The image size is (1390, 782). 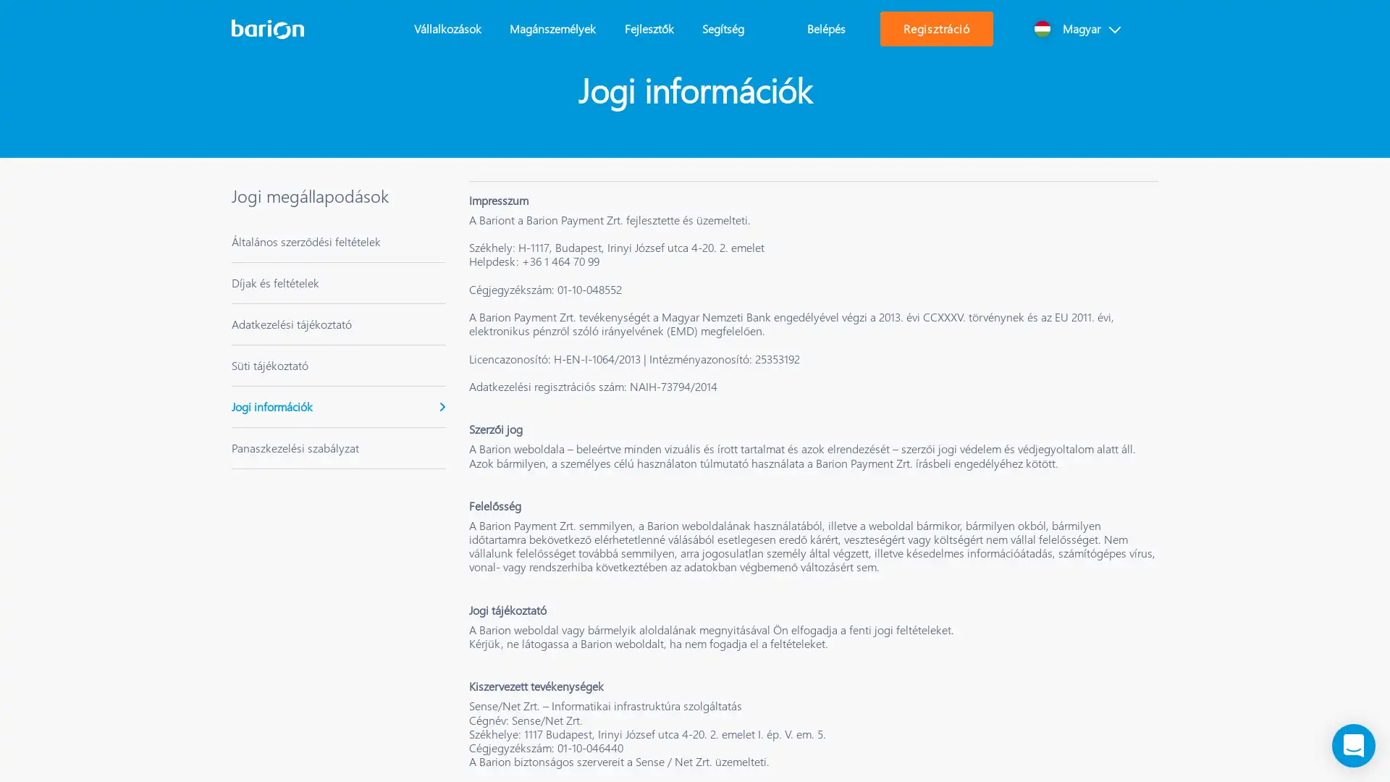 I want to click on Osszes elutasitasa, so click(x=1056, y=717).